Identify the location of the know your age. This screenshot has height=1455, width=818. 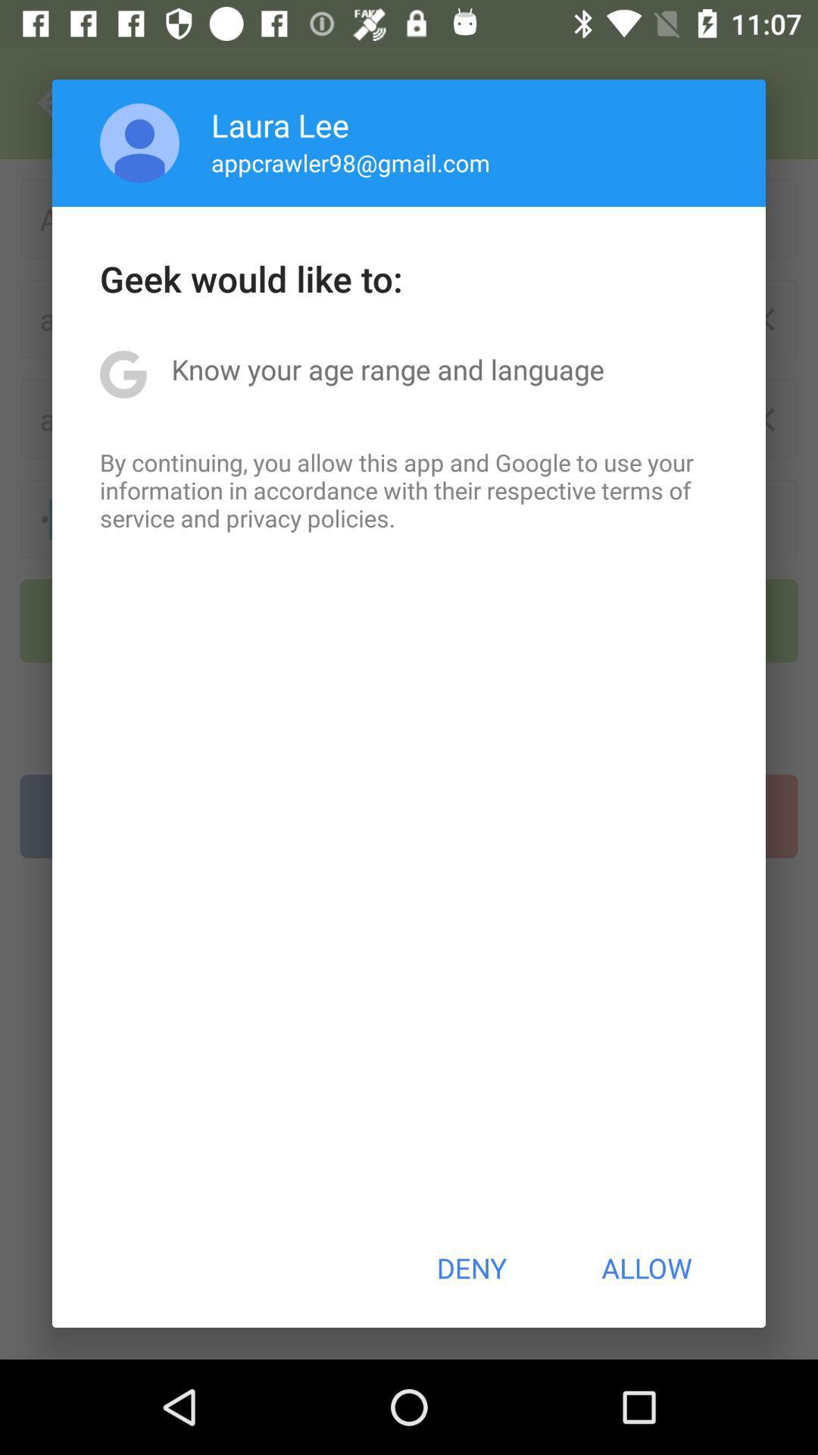
(387, 369).